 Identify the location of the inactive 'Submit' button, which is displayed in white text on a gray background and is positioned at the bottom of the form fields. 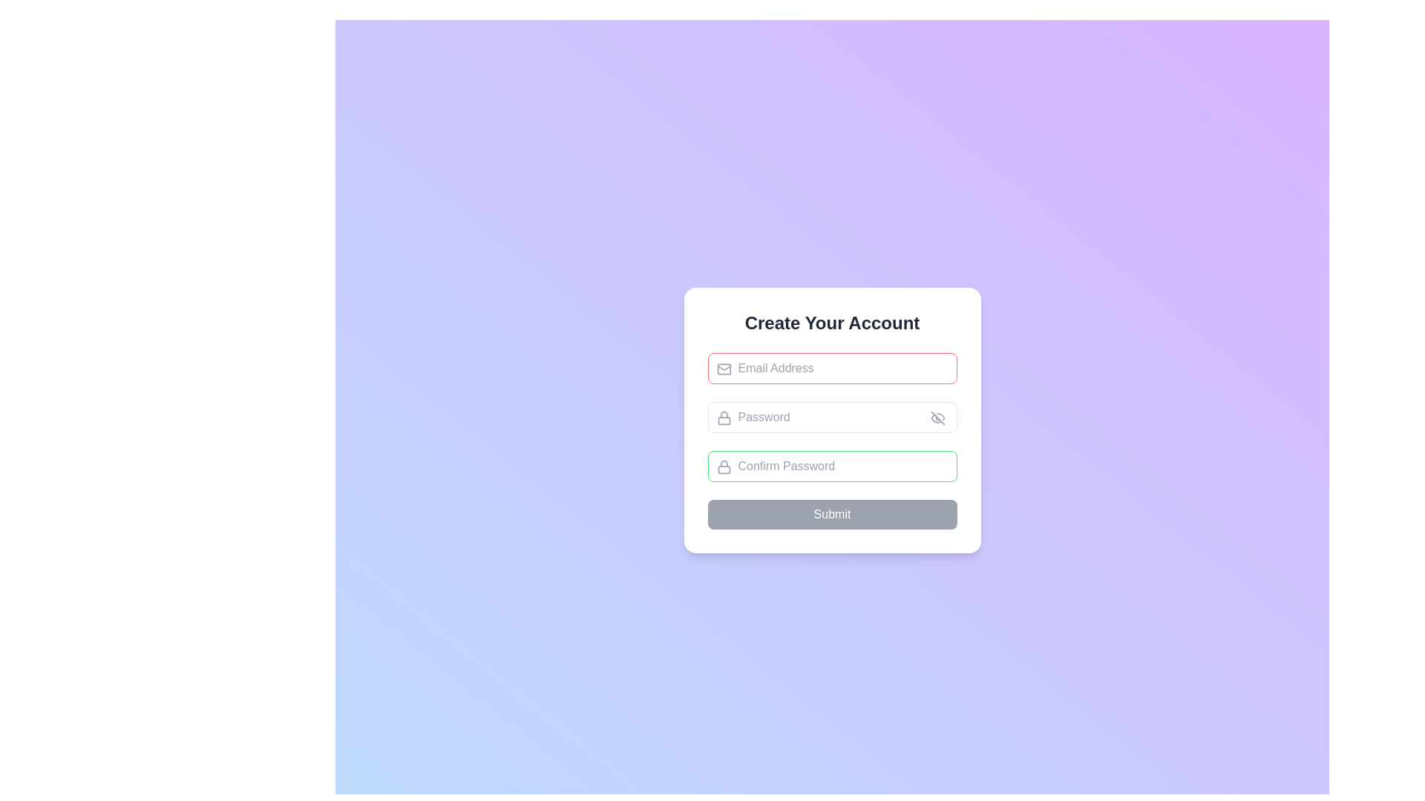
(832, 514).